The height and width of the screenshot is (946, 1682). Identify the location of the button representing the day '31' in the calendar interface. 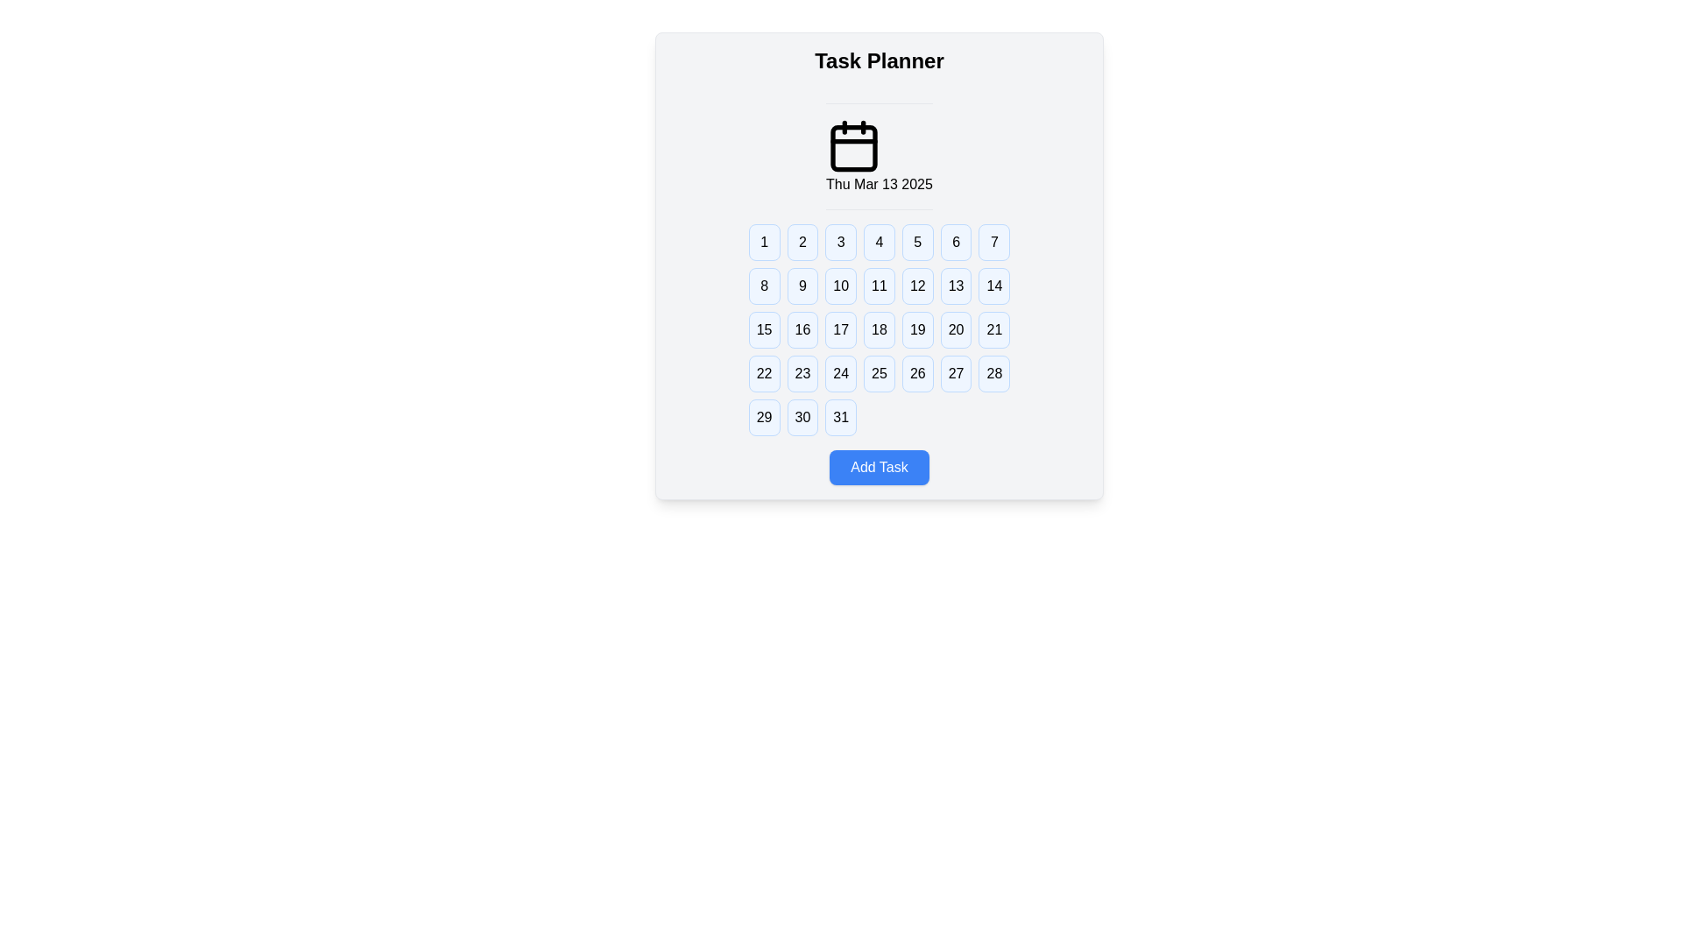
(841, 418).